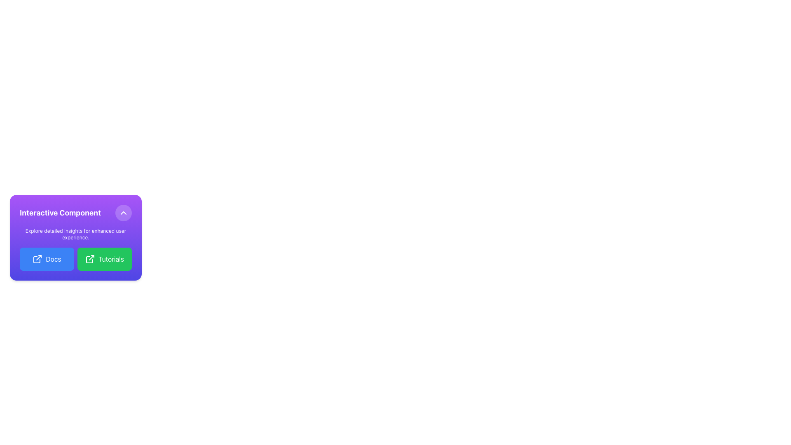 The height and width of the screenshot is (445, 791). Describe the element at coordinates (91, 257) in the screenshot. I see `the external link icon located at the center of the green 'Tutorials' button` at that location.